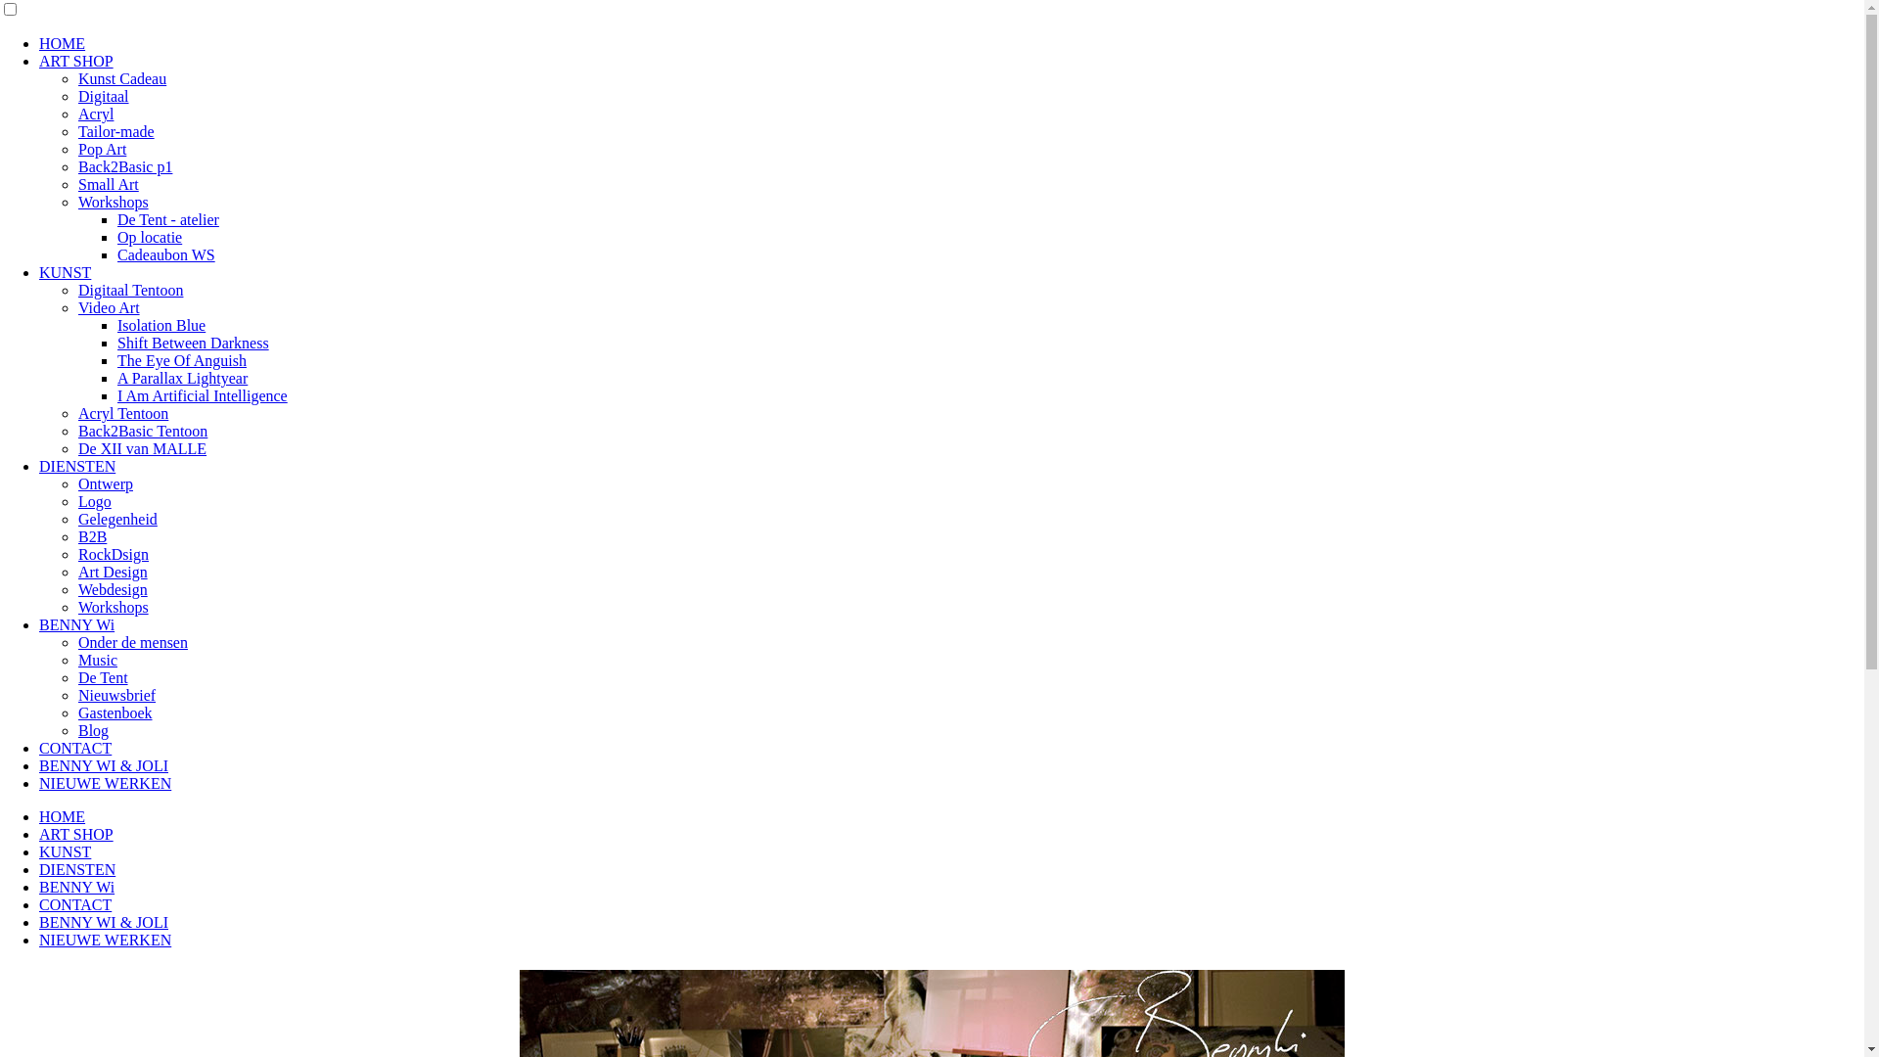 This screenshot has width=1879, height=1057. I want to click on 'Blog', so click(92, 730).